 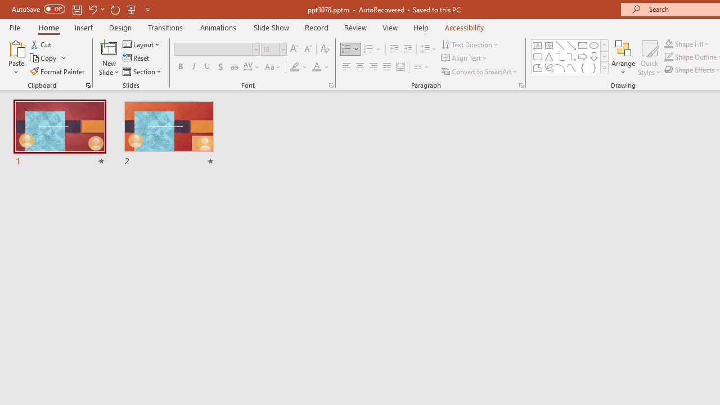 I want to click on 'Shape Fill Dark Green, Accent 2', so click(x=669, y=43).